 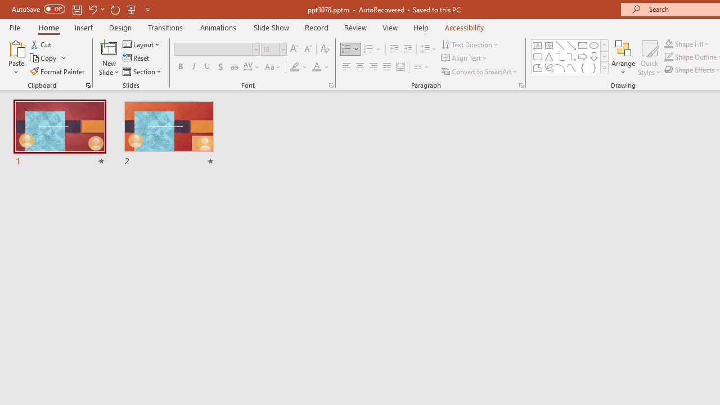 I want to click on 'Shape Fill Dark Green, Accent 2', so click(x=669, y=43).